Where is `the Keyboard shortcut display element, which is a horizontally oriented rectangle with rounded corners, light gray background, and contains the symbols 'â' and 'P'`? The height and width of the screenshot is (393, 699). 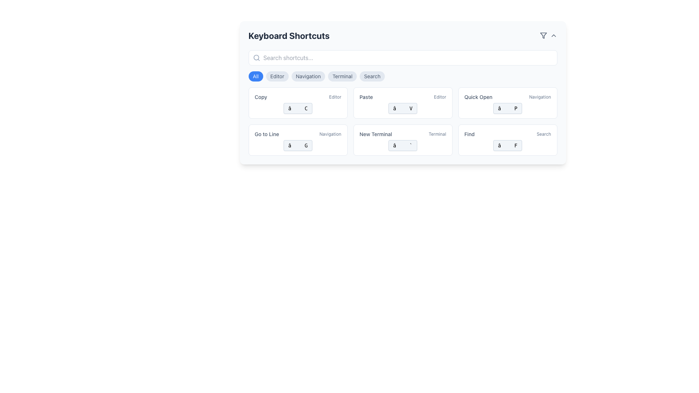 the Keyboard shortcut display element, which is a horizontally oriented rectangle with rounded corners, light gray background, and contains the symbols 'â' and 'P' is located at coordinates (507, 108).